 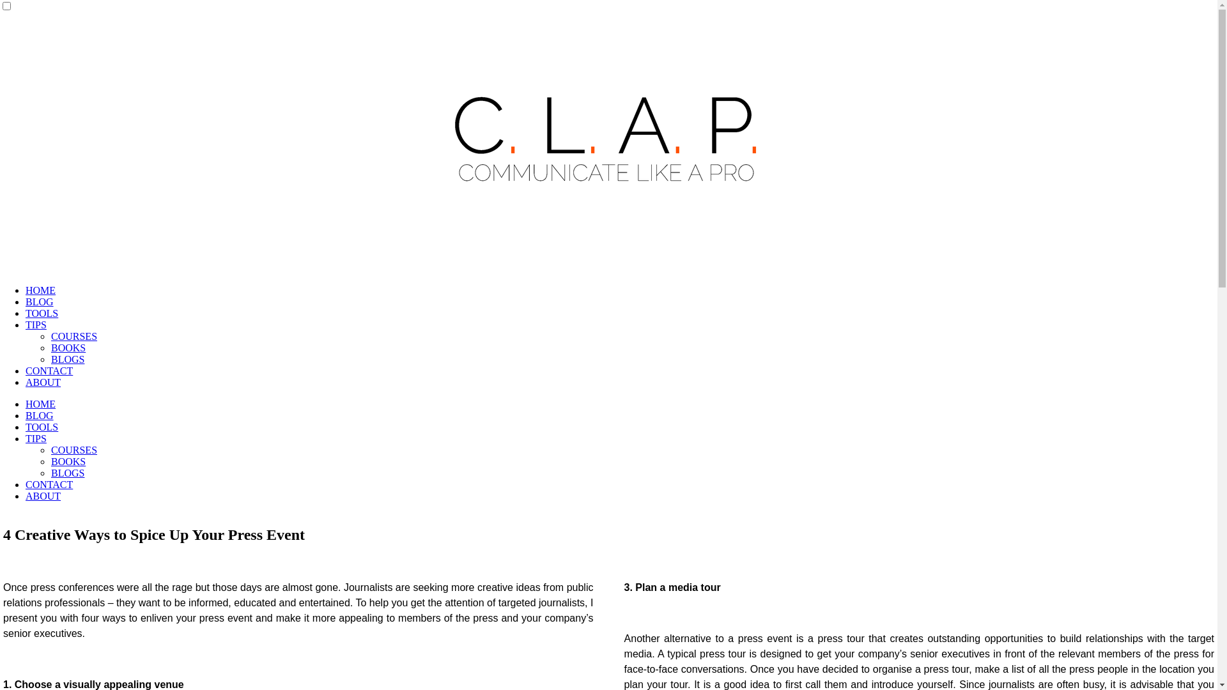 What do you see at coordinates (66, 473) in the screenshot?
I see `'BLOGS'` at bounding box center [66, 473].